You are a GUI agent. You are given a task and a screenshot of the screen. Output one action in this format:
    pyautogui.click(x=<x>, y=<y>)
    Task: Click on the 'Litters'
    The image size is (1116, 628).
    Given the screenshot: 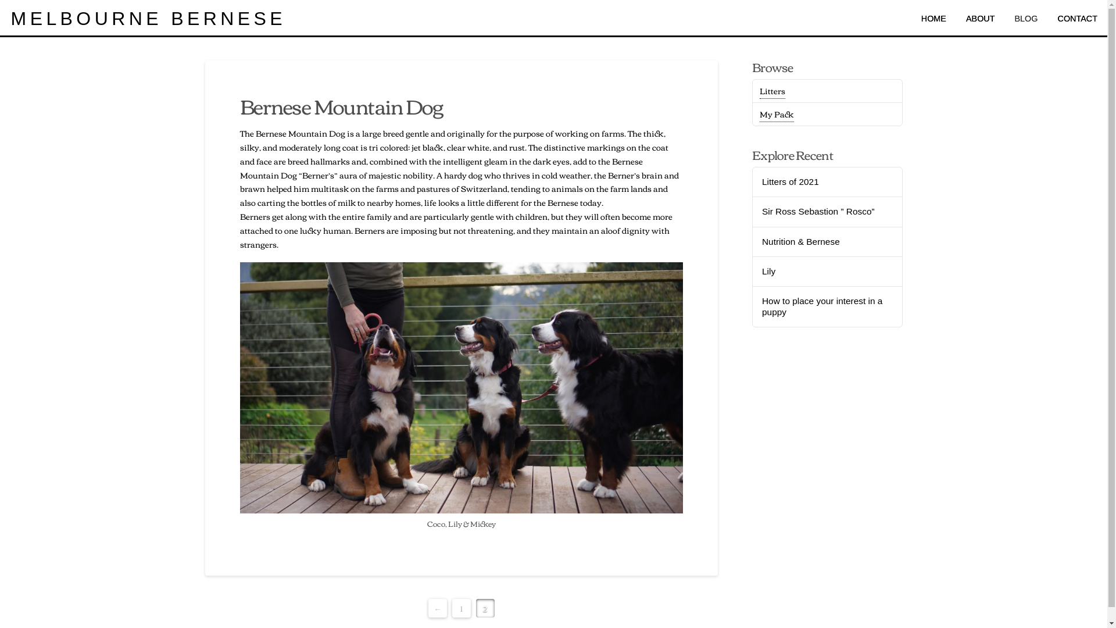 What is the action you would take?
    pyautogui.click(x=772, y=90)
    